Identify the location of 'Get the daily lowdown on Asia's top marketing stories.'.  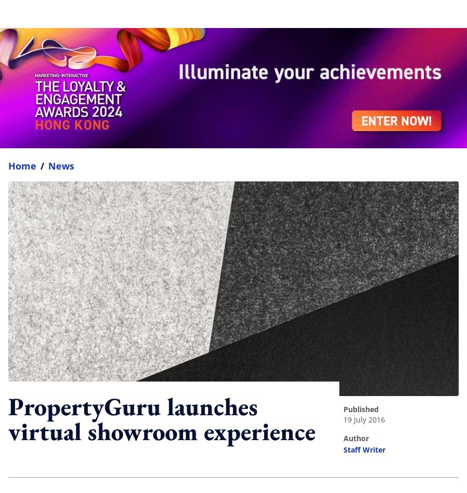
(184, 320).